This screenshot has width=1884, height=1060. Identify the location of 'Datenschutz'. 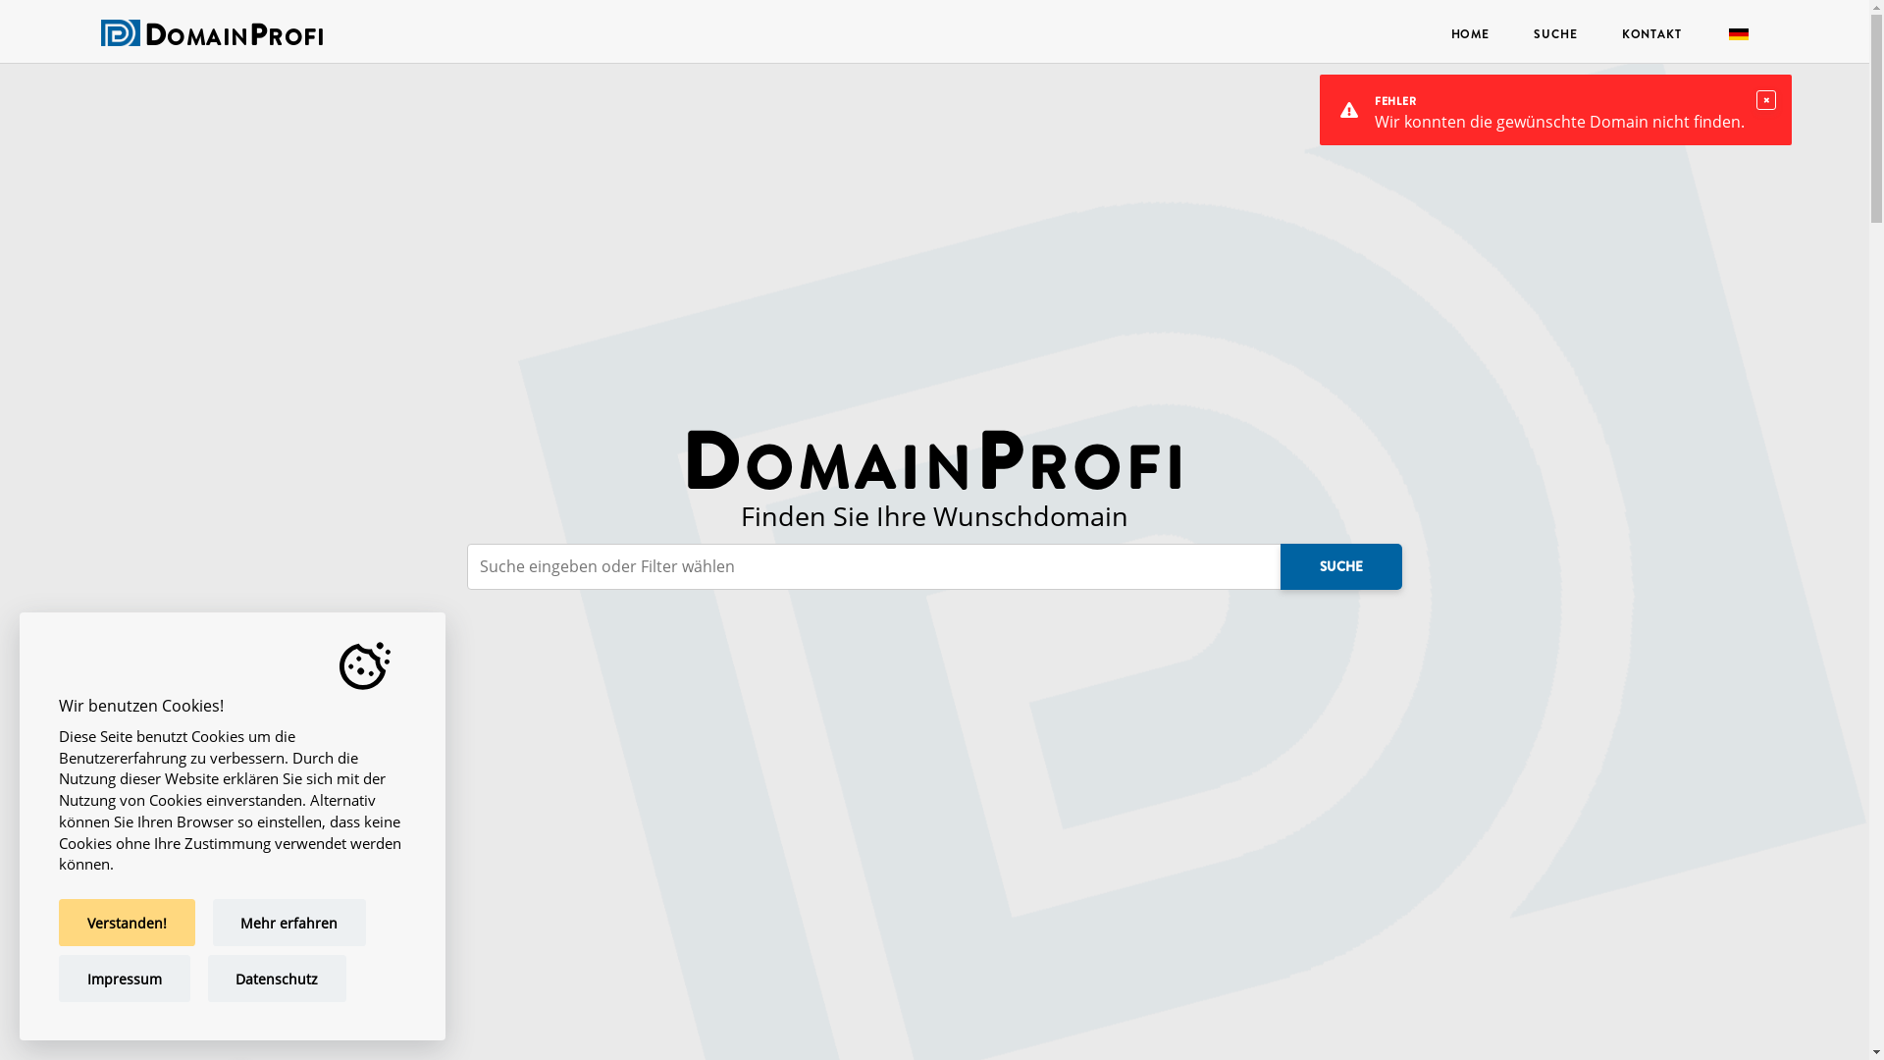
(277, 978).